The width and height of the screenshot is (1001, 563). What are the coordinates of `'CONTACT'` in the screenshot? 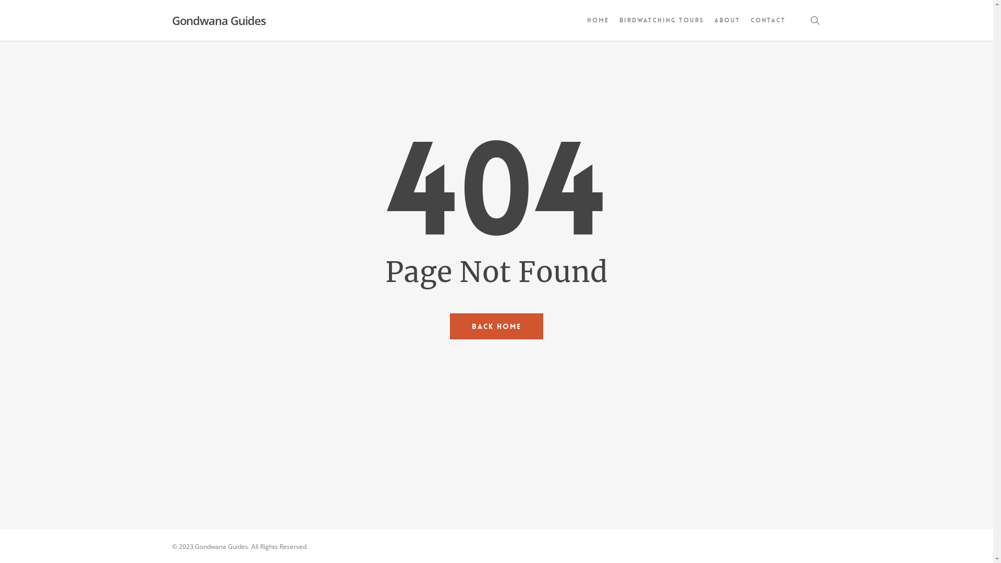 It's located at (768, 20).